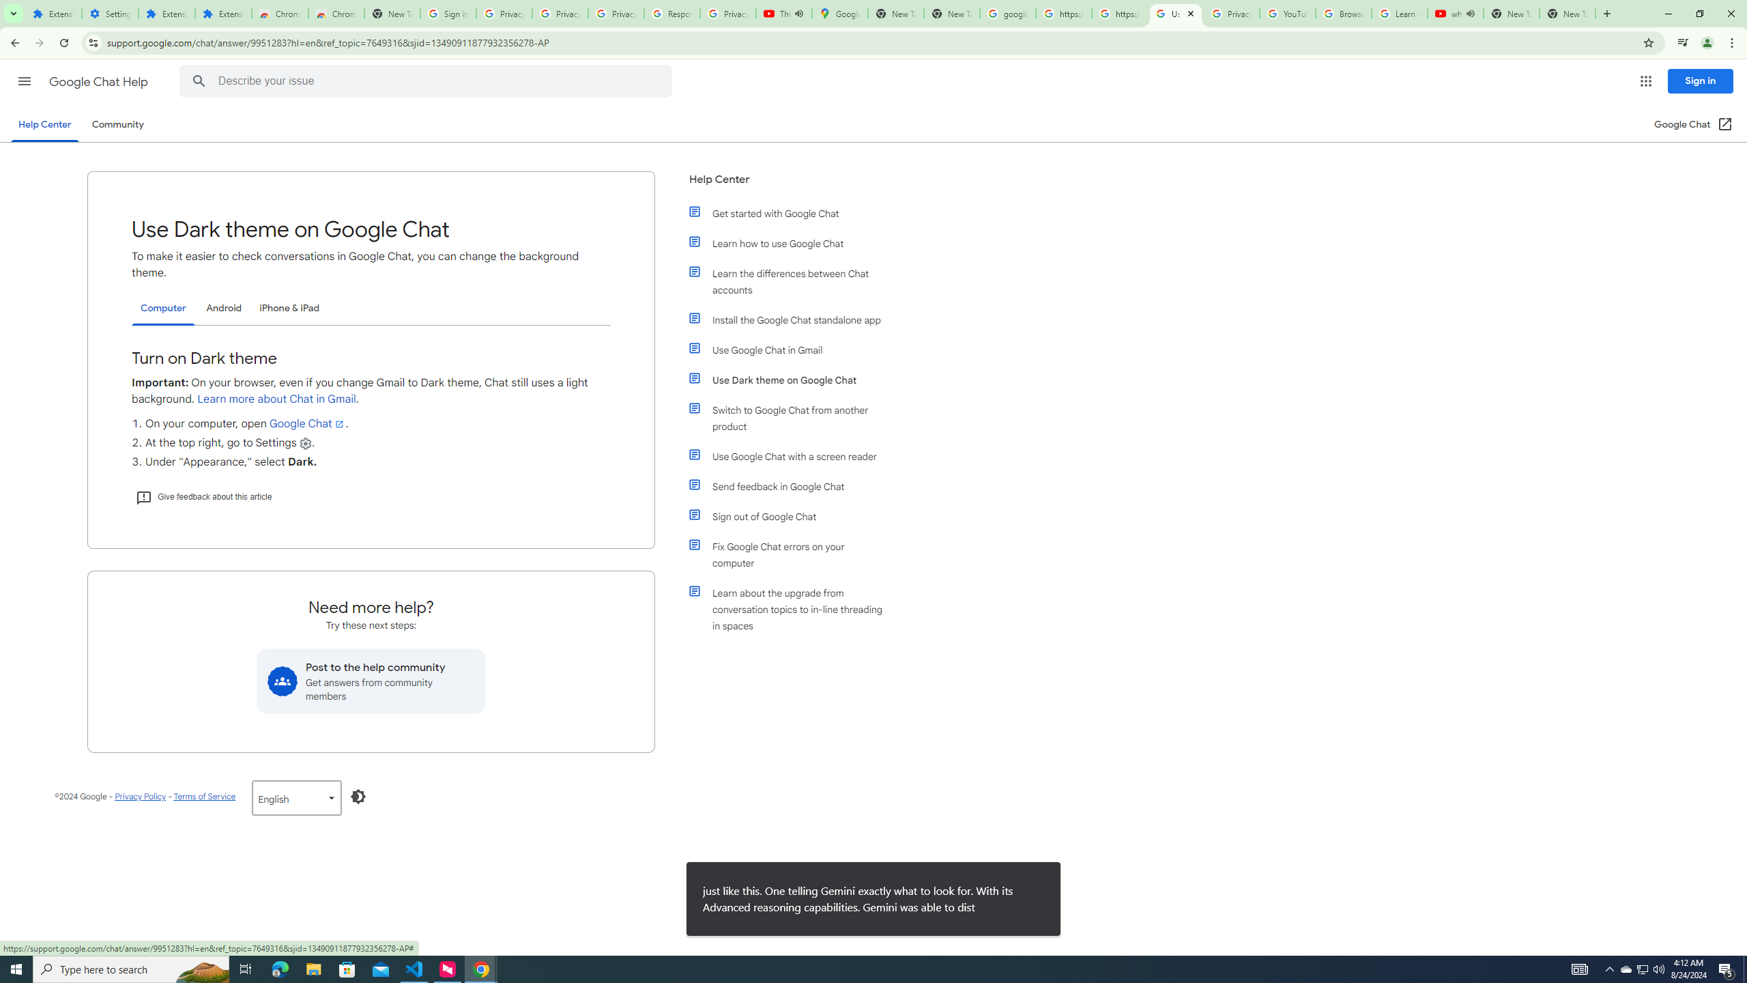  I want to click on 'Enable Dark Mode', so click(358, 797).